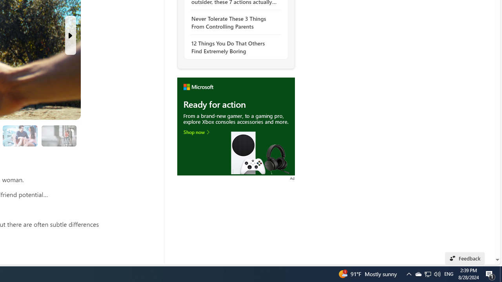 The width and height of the screenshot is (502, 282). I want to click on '7. She can communicate her needs and wants.', so click(58, 135).